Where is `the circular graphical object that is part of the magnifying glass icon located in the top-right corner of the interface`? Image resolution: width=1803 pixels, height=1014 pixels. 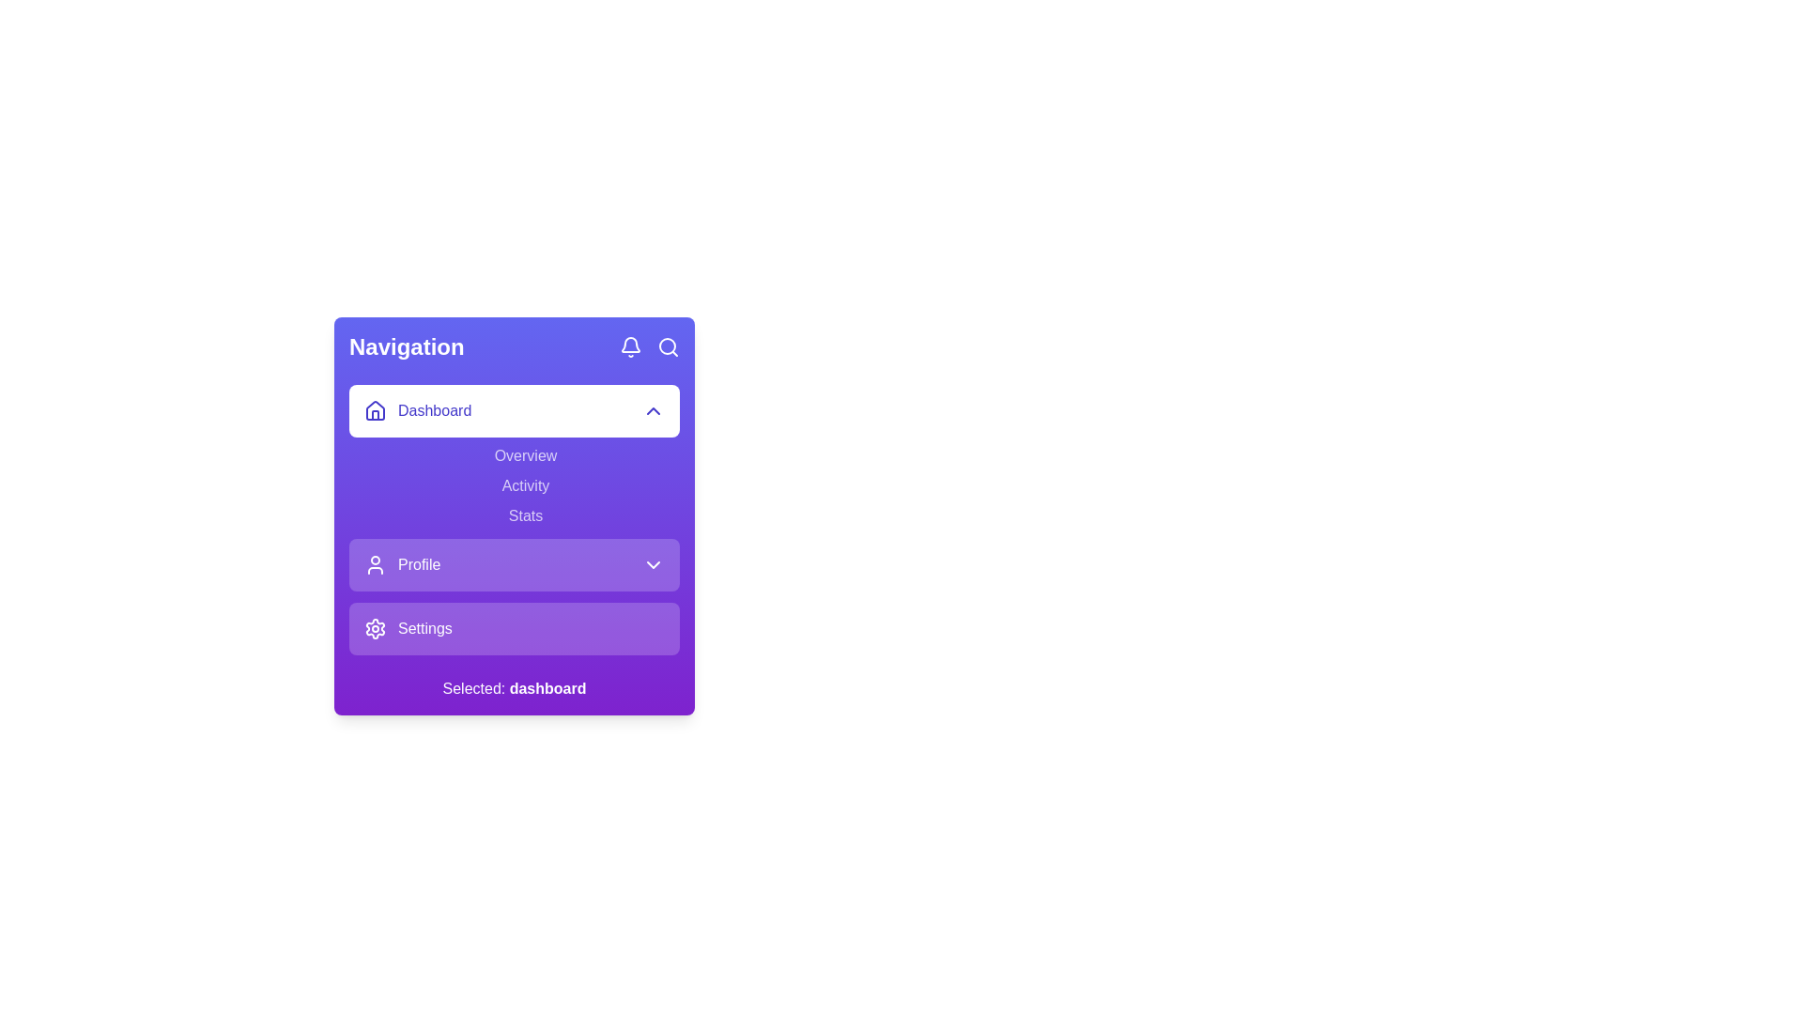 the circular graphical object that is part of the magnifying glass icon located in the top-right corner of the interface is located at coordinates (667, 346).